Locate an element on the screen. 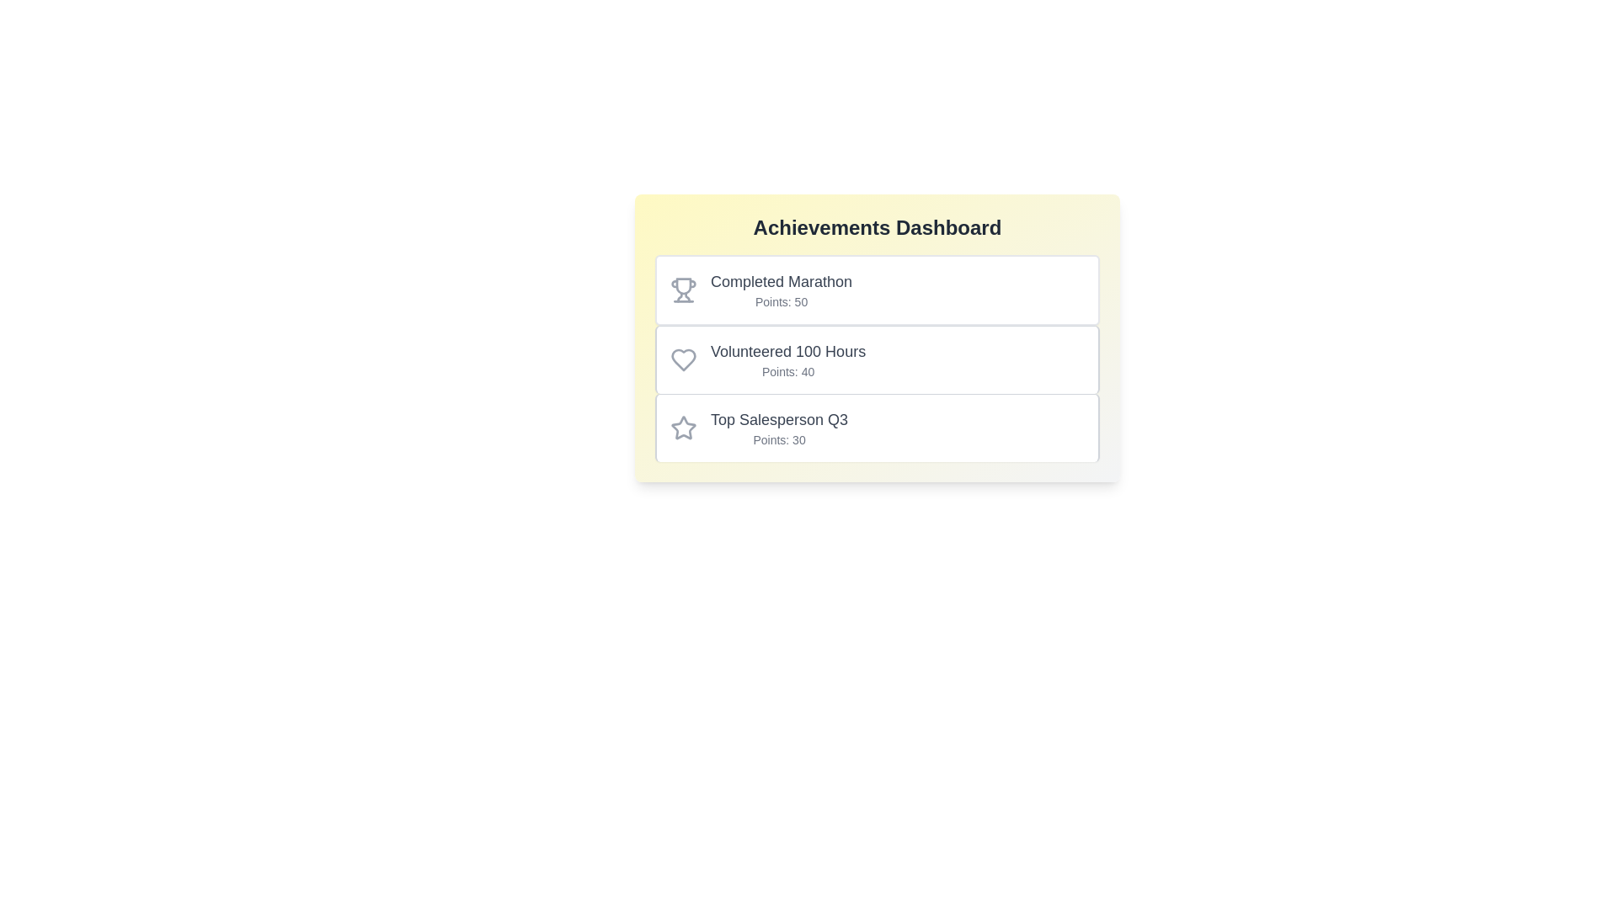  the achievement item Top Salesperson Q3 is located at coordinates (876, 427).